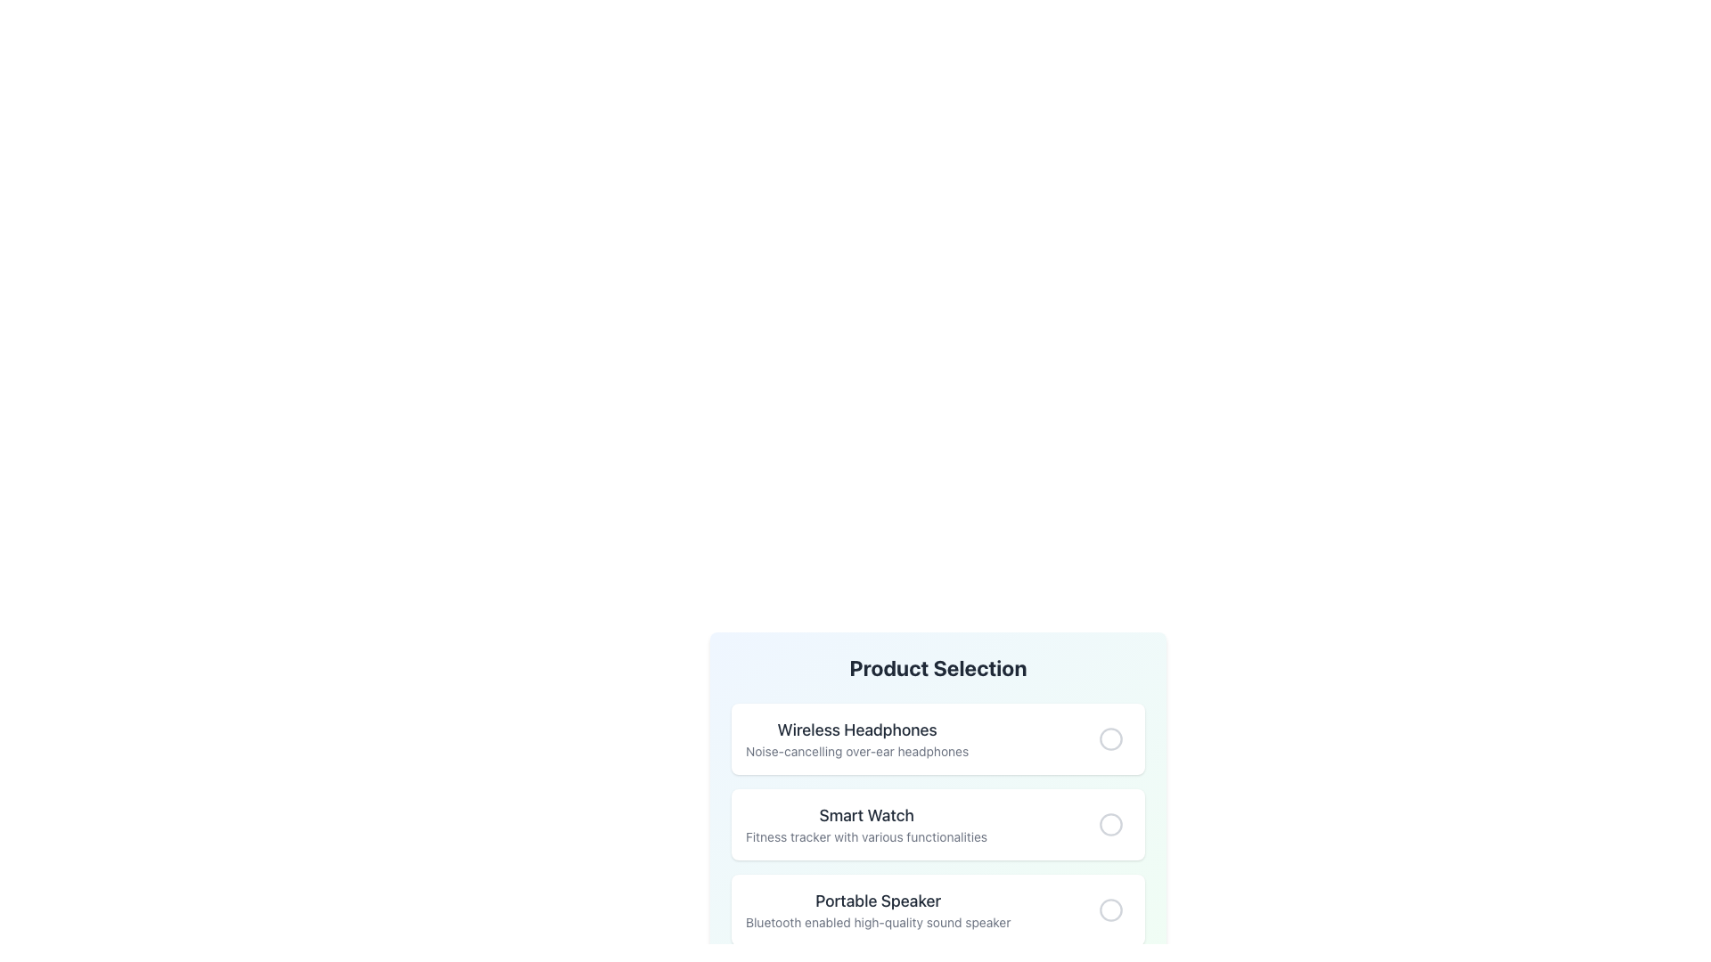 Image resolution: width=1711 pixels, height=962 pixels. What do you see at coordinates (937, 824) in the screenshot?
I see `the second item in the product selection menu, which represents the 'Smart Watch'` at bounding box center [937, 824].